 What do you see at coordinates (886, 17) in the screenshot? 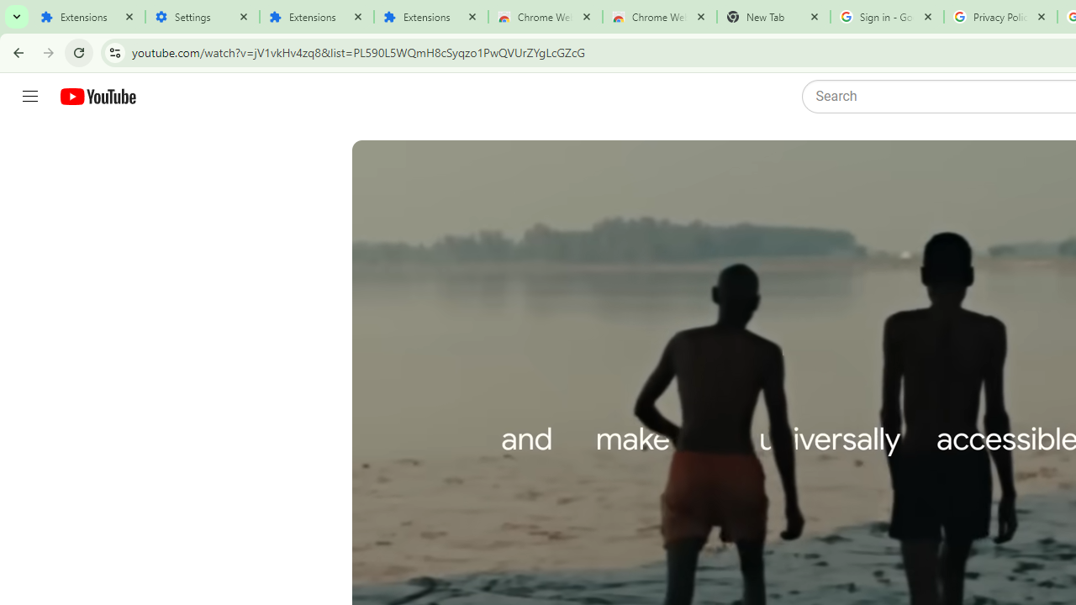
I see `'Sign in - Google Accounts'` at bounding box center [886, 17].